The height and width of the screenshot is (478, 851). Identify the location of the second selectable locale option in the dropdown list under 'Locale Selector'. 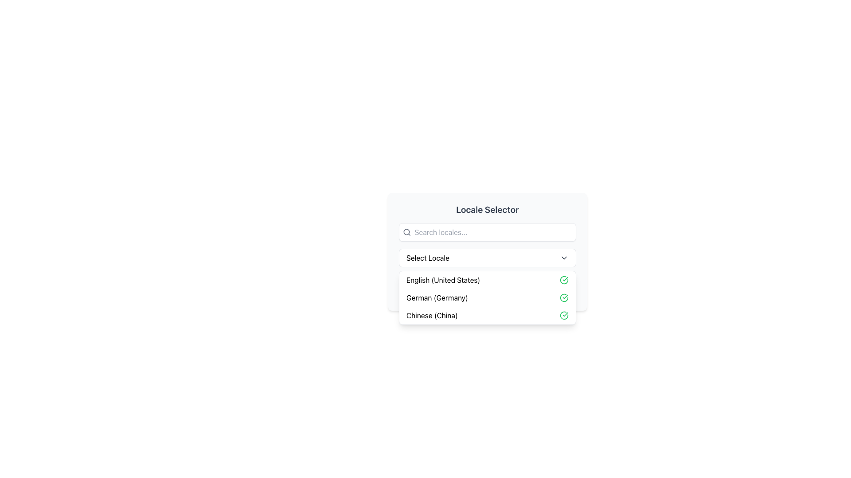
(487, 297).